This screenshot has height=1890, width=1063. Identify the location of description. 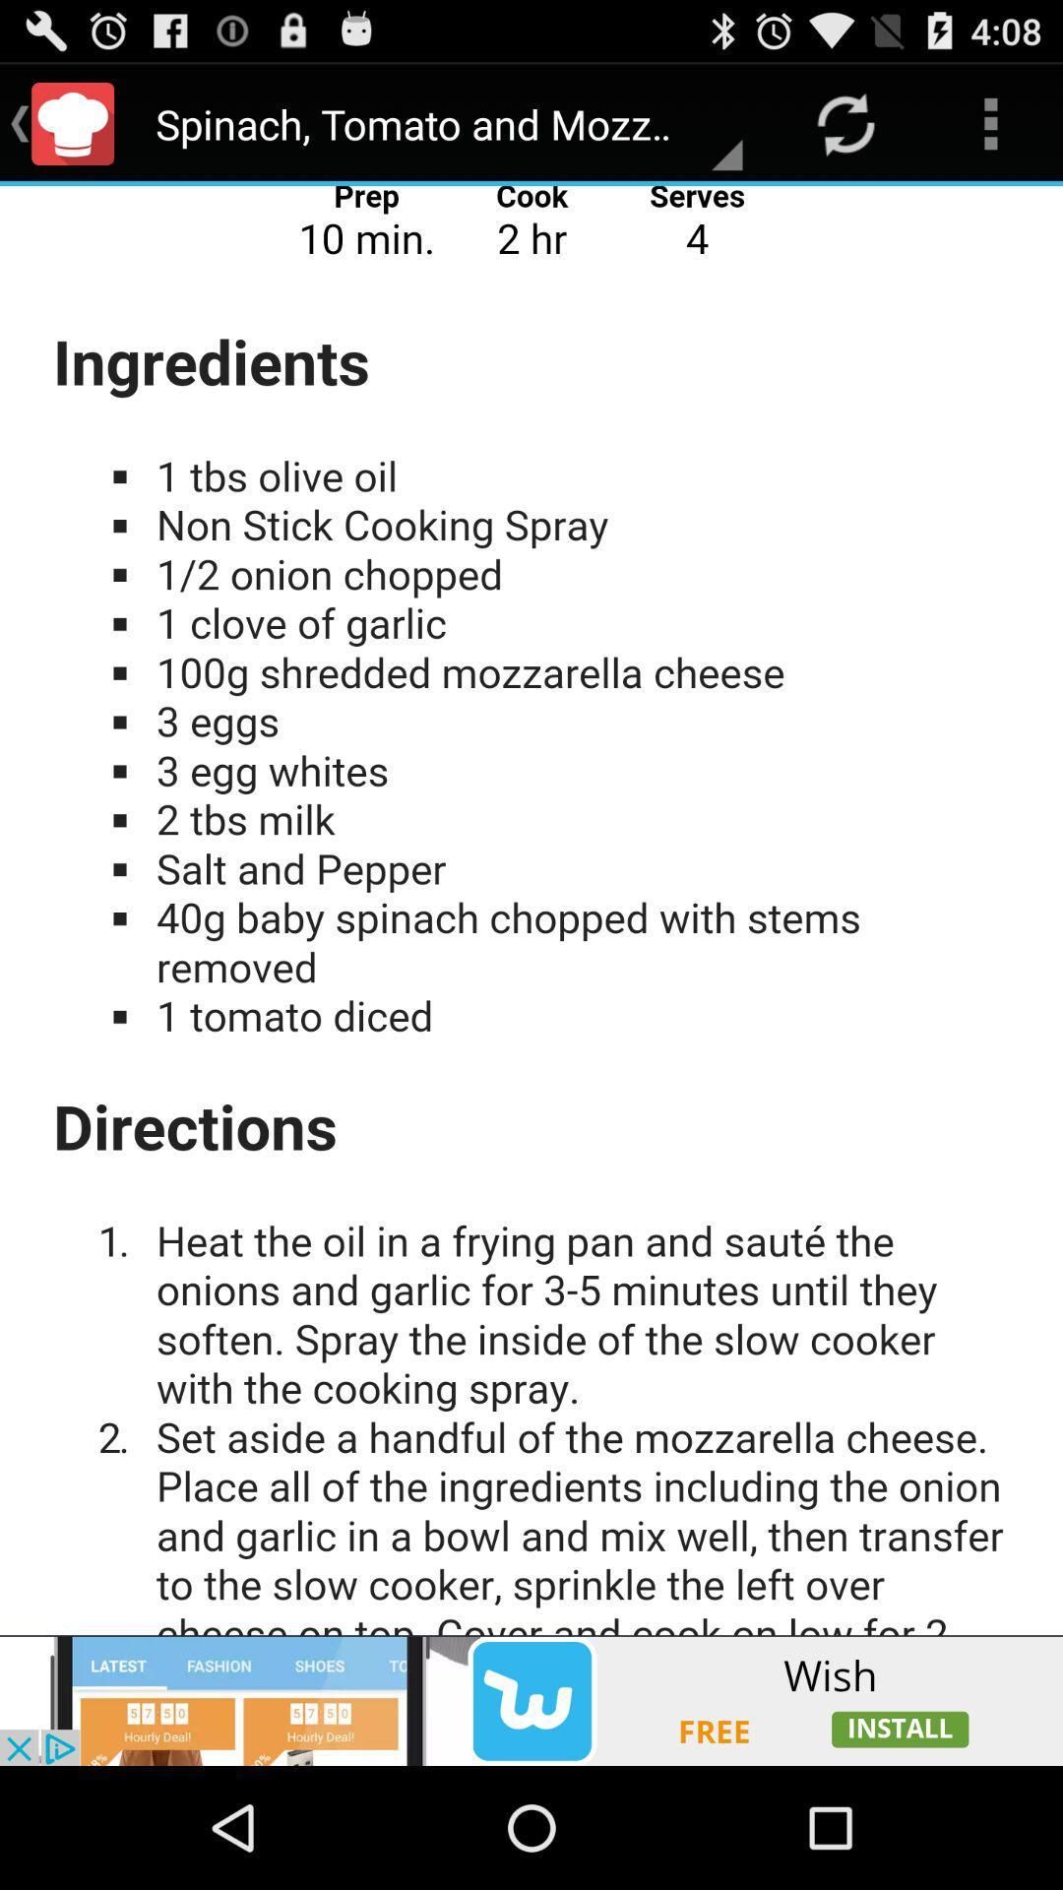
(531, 910).